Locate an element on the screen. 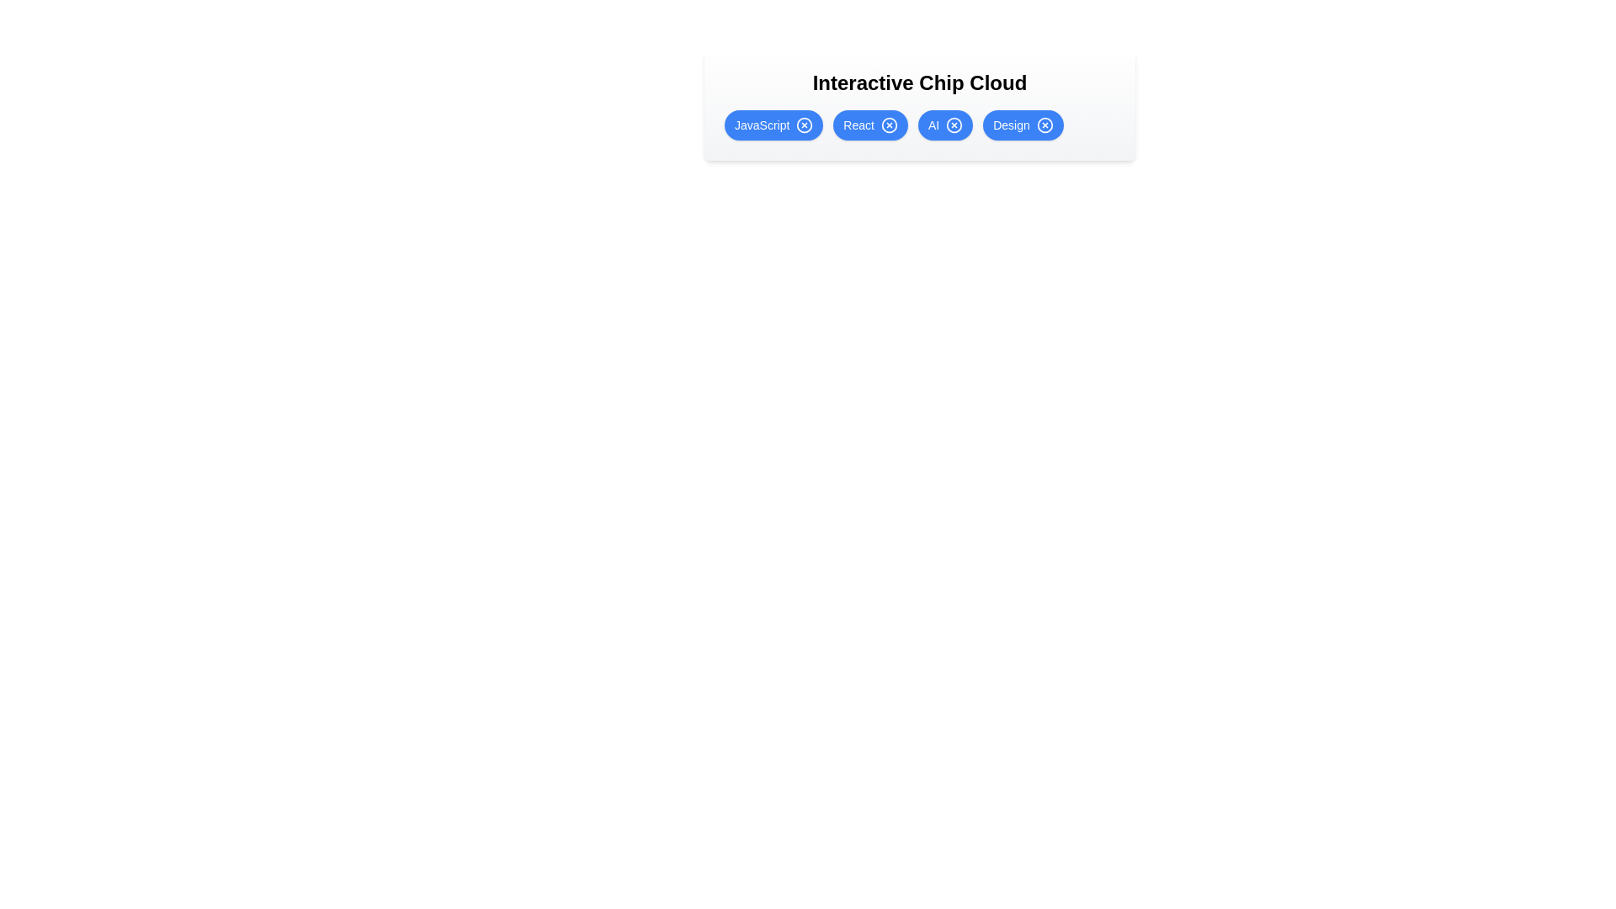  the chip labeled React to observe the hover effect is located at coordinates (870, 125).